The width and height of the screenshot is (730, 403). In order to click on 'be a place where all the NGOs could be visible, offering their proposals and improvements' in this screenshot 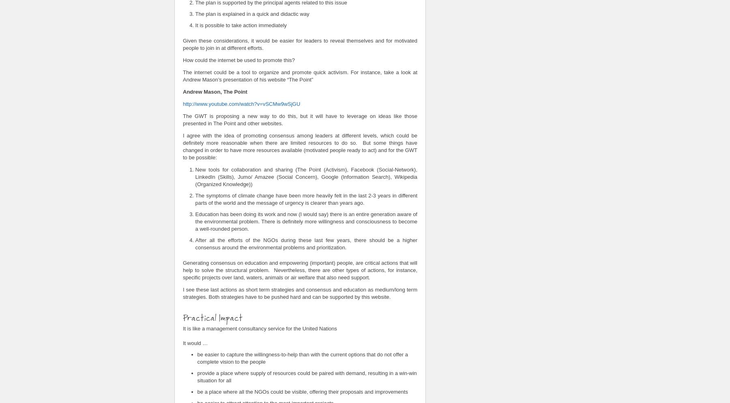, I will do `click(197, 391)`.